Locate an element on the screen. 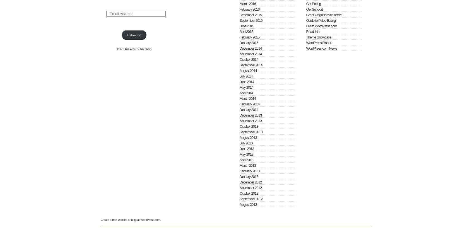 Image resolution: width=472 pixels, height=232 pixels. 'December 2015' is located at coordinates (250, 14).